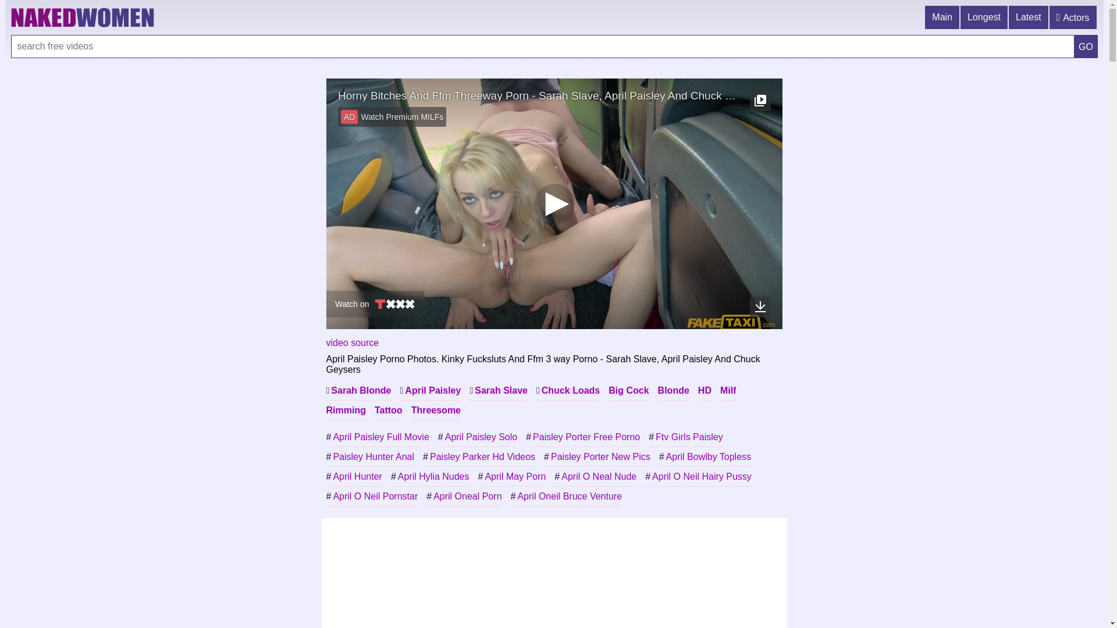 This screenshot has height=628, width=1117. What do you see at coordinates (628, 390) in the screenshot?
I see `'Big Cock'` at bounding box center [628, 390].